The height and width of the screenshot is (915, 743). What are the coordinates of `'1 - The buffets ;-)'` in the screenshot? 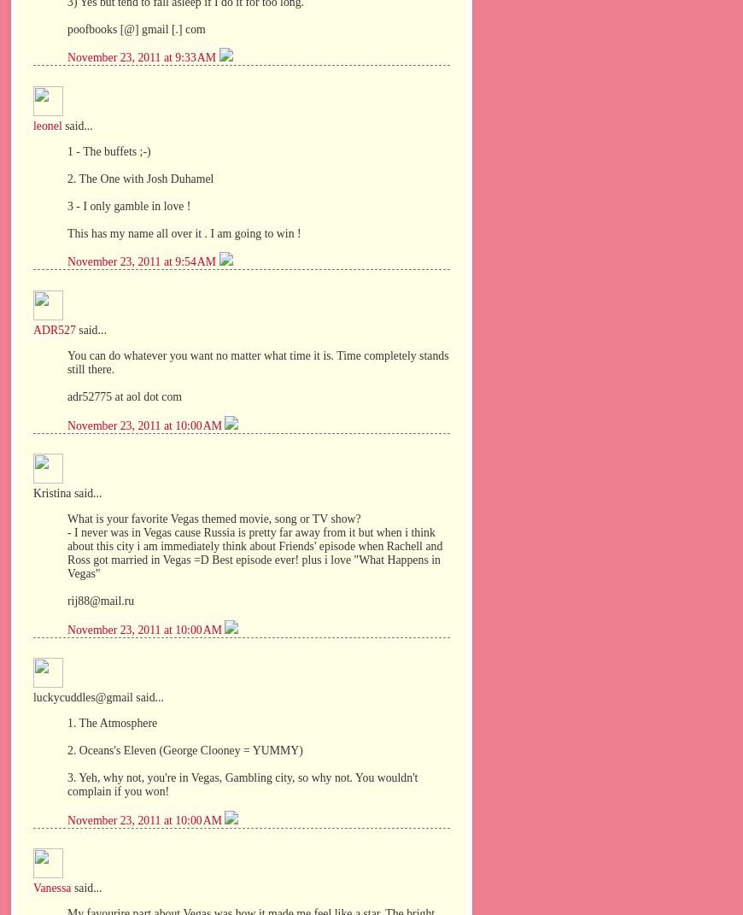 It's located at (108, 150).